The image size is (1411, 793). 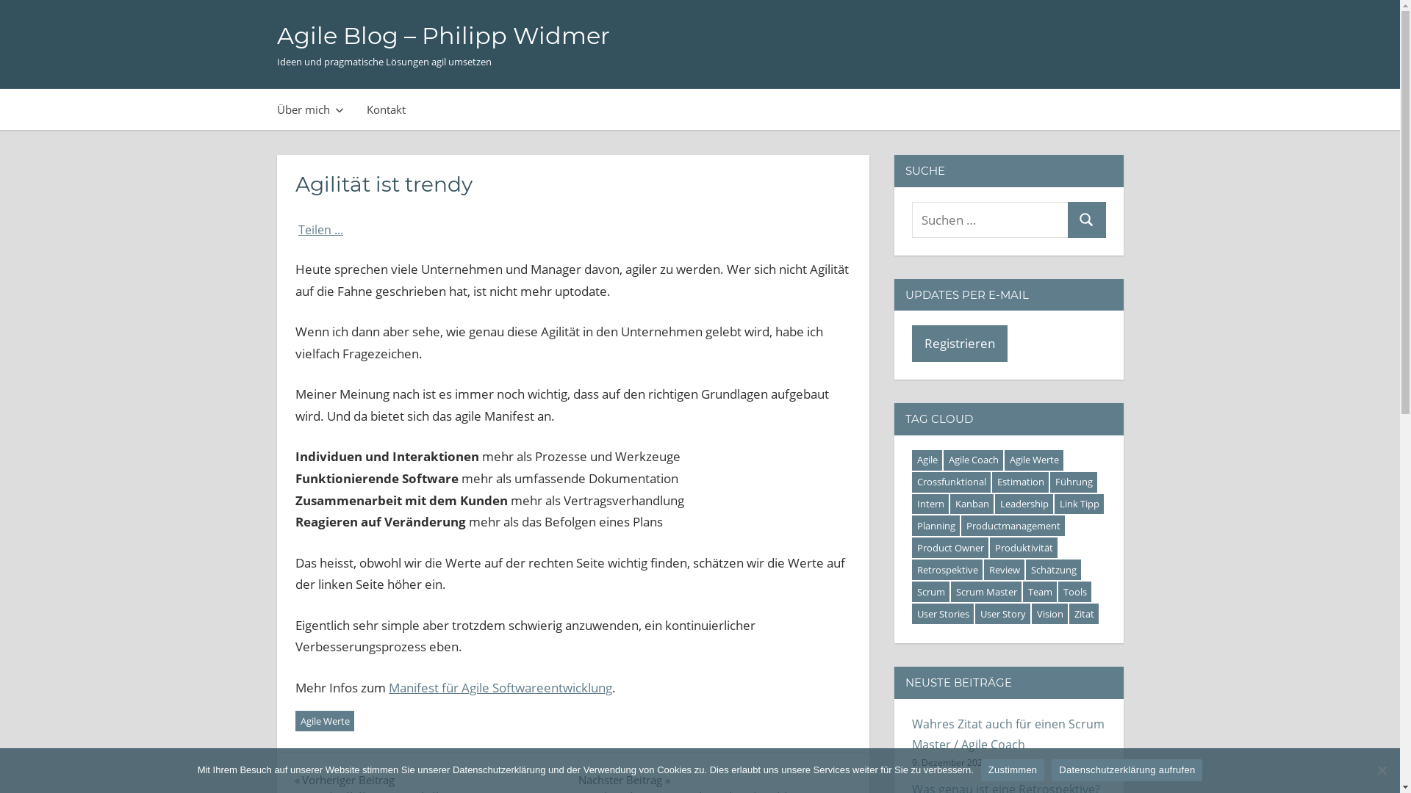 I want to click on 'Zitat', so click(x=1083, y=614).